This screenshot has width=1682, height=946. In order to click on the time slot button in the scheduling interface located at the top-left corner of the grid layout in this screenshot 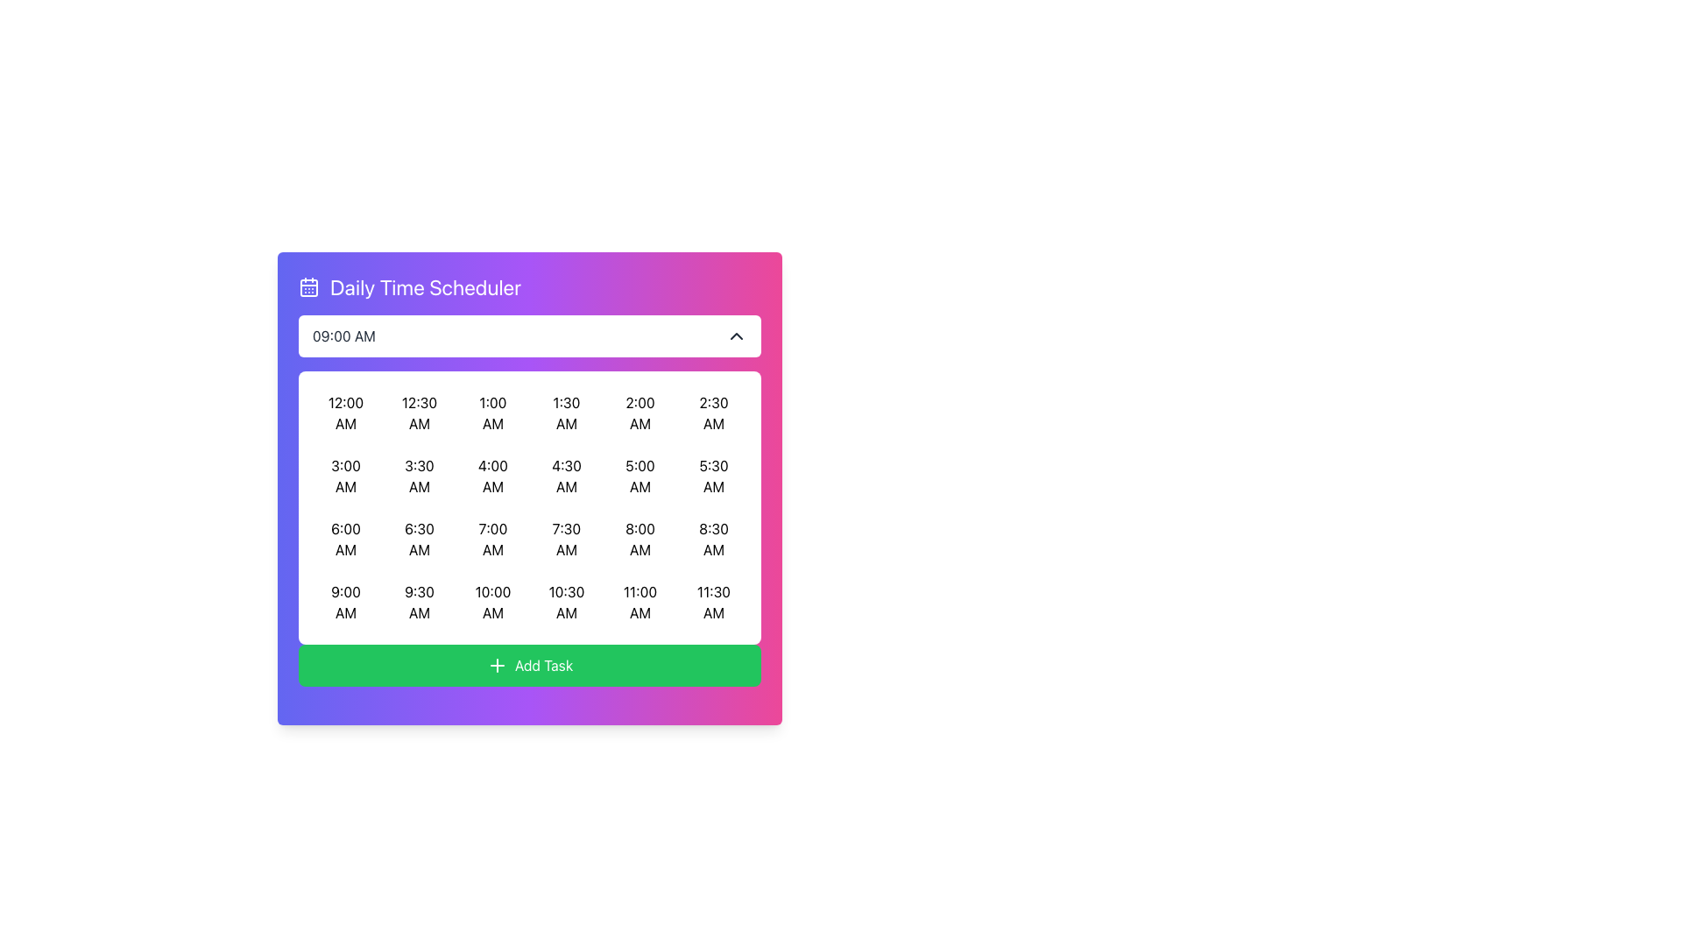, I will do `click(345, 413)`.